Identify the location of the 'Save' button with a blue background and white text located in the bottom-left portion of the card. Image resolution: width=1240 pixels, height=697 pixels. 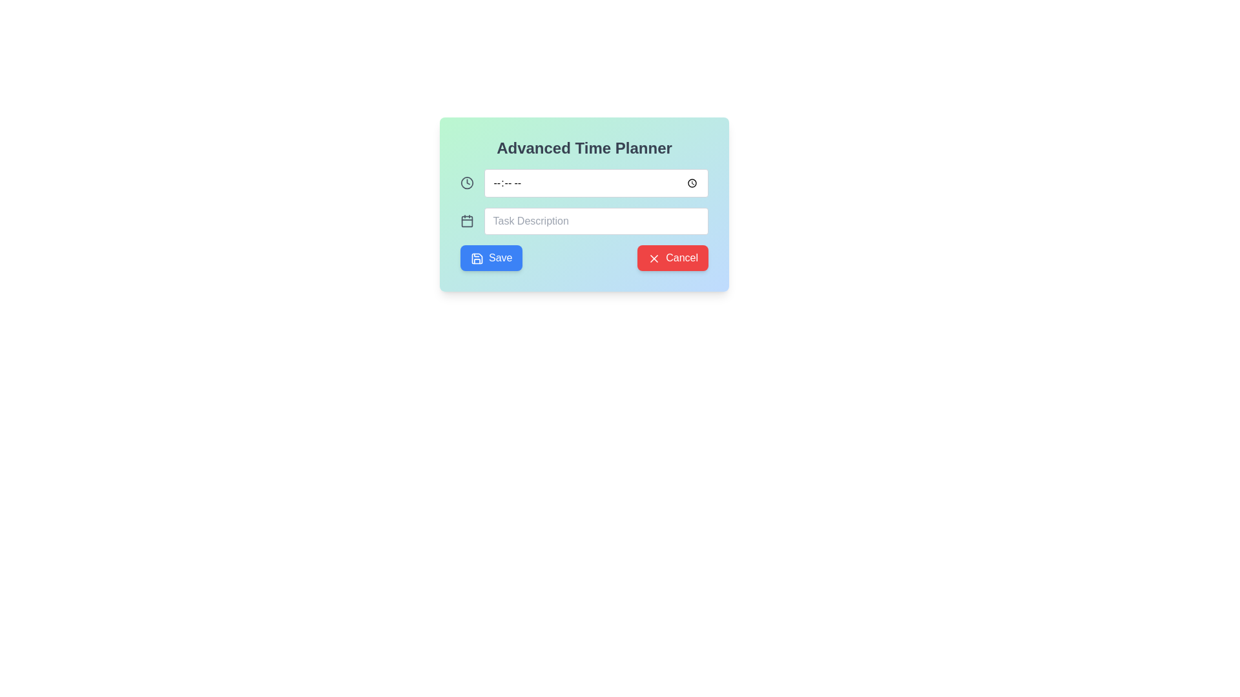
(491, 258).